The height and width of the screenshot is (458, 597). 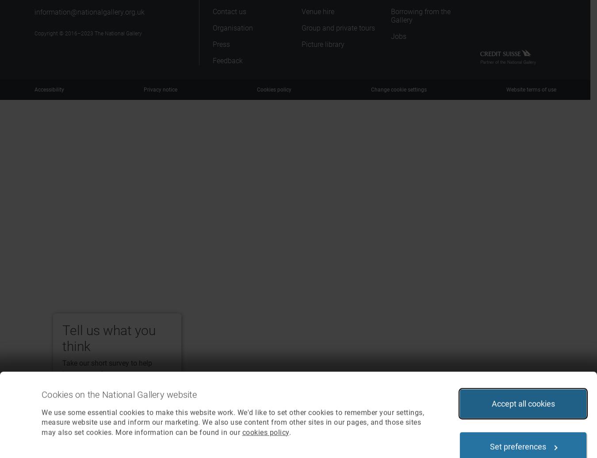 I want to click on 'Yes', so click(x=80, y=398).